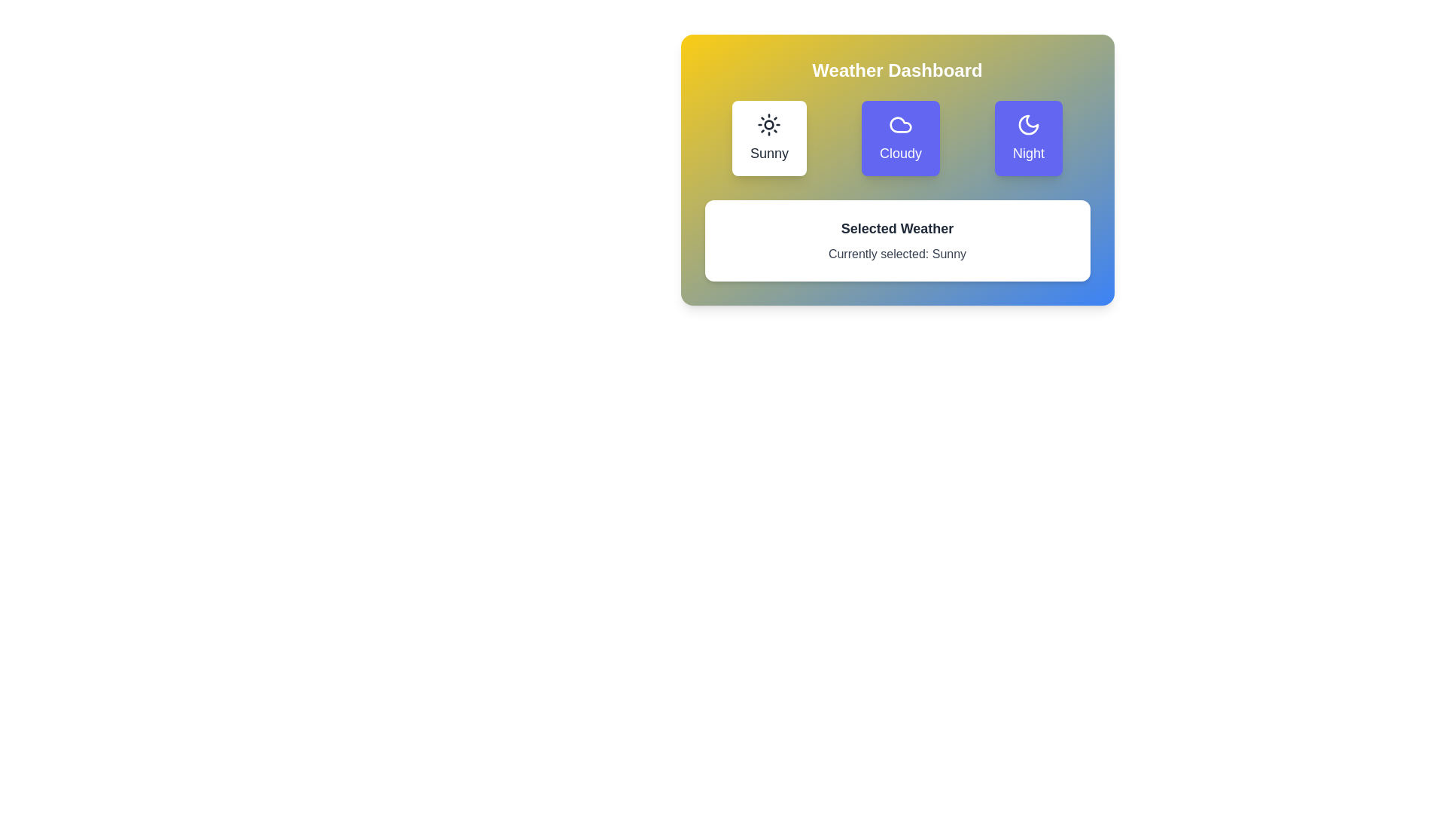 Image resolution: width=1445 pixels, height=813 pixels. I want to click on the 'Cloudy' weather icon located at the top-center of the interface, positioned between the 'Sunny' icon on the left and the 'Night' icon on the right, so click(900, 123).